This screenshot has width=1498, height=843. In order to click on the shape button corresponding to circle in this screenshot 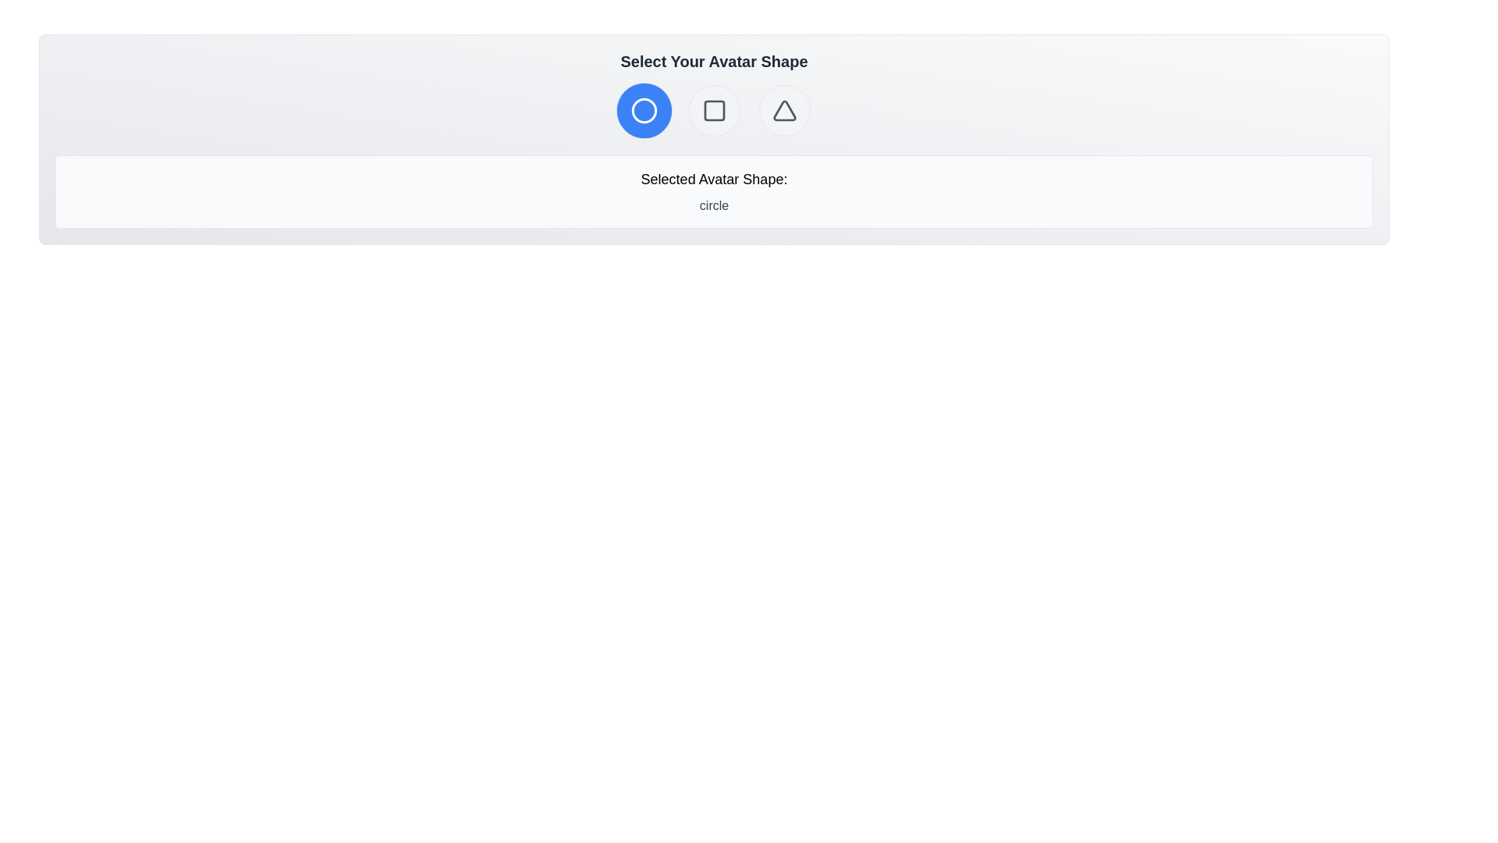, I will do `click(644, 110)`.